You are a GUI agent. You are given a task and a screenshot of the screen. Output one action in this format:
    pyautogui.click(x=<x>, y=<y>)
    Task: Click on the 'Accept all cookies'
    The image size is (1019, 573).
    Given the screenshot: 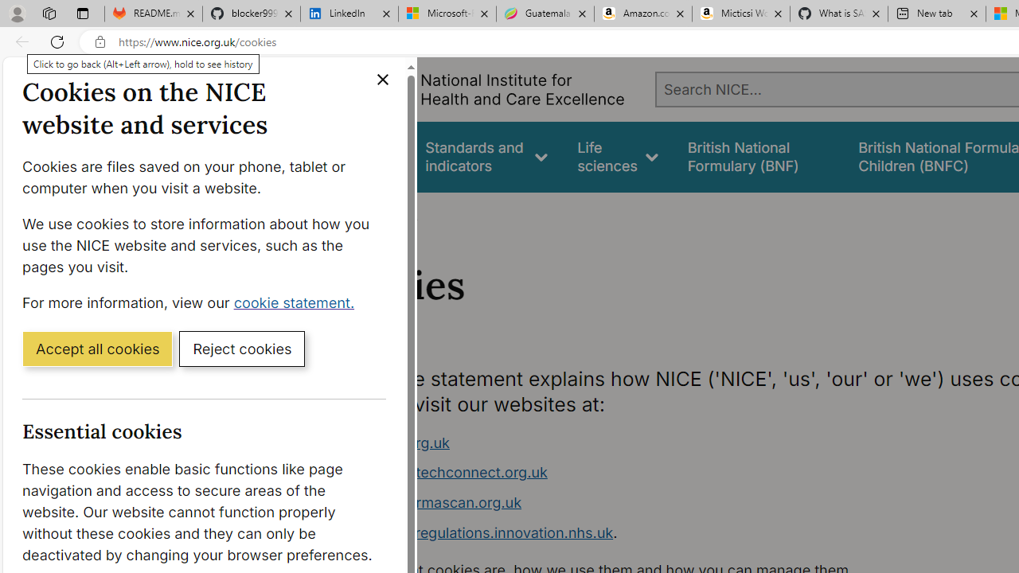 What is the action you would take?
    pyautogui.click(x=96, y=347)
    